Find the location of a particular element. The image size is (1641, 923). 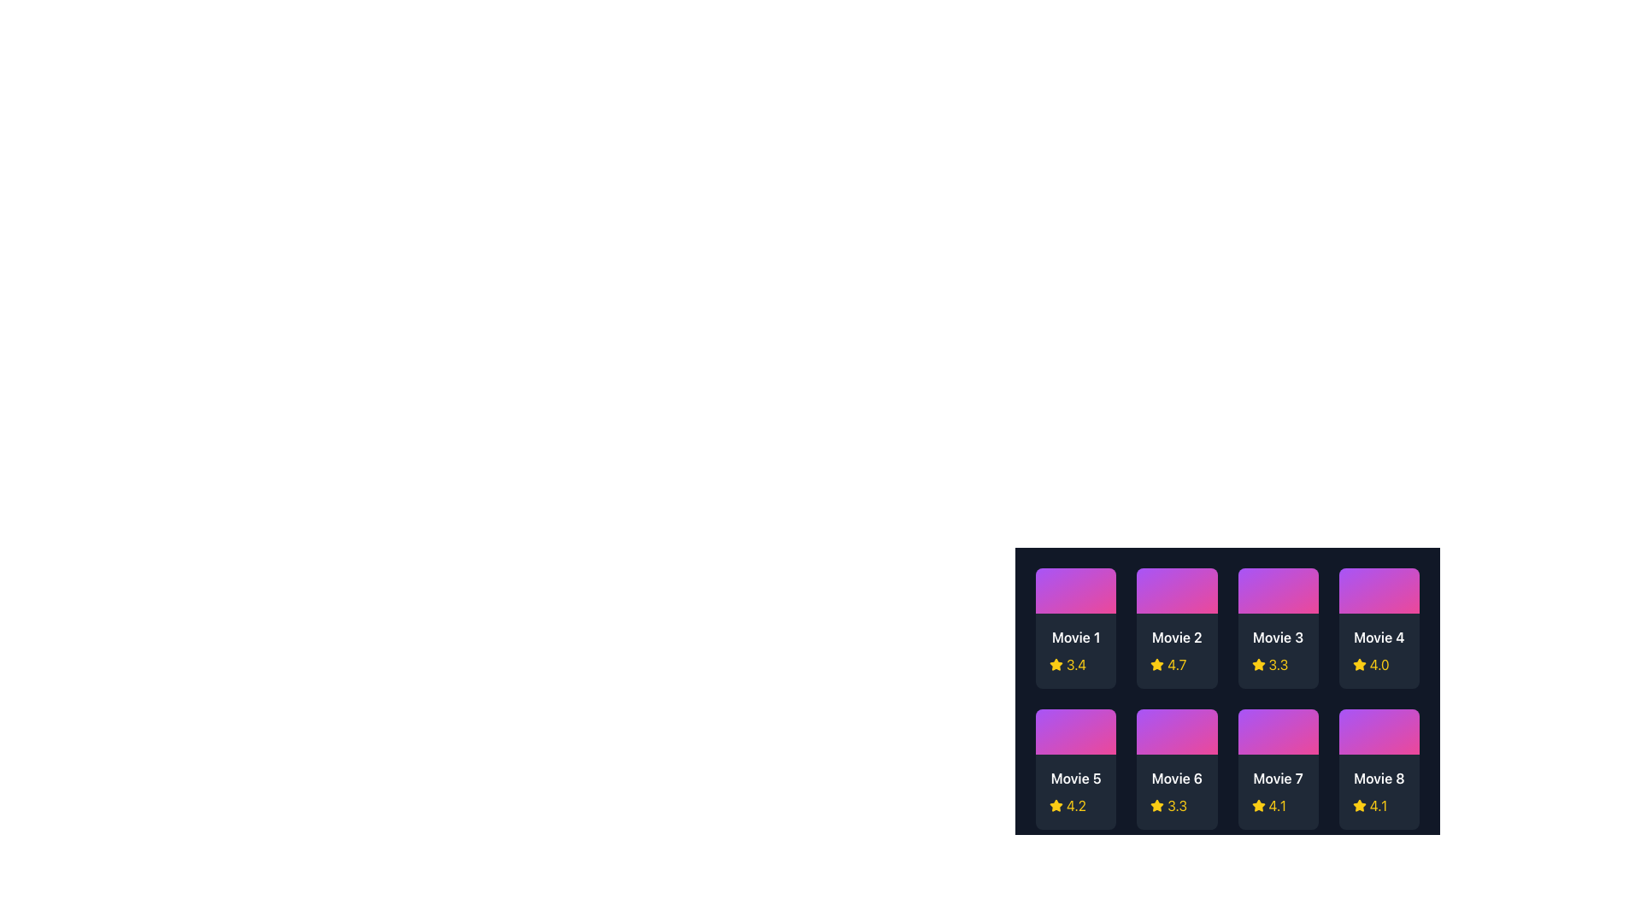

the Text label displaying the rating score for 'Movie 5', located in the bottom left corner of the movie card, next to the star icon is located at coordinates (1075, 806).